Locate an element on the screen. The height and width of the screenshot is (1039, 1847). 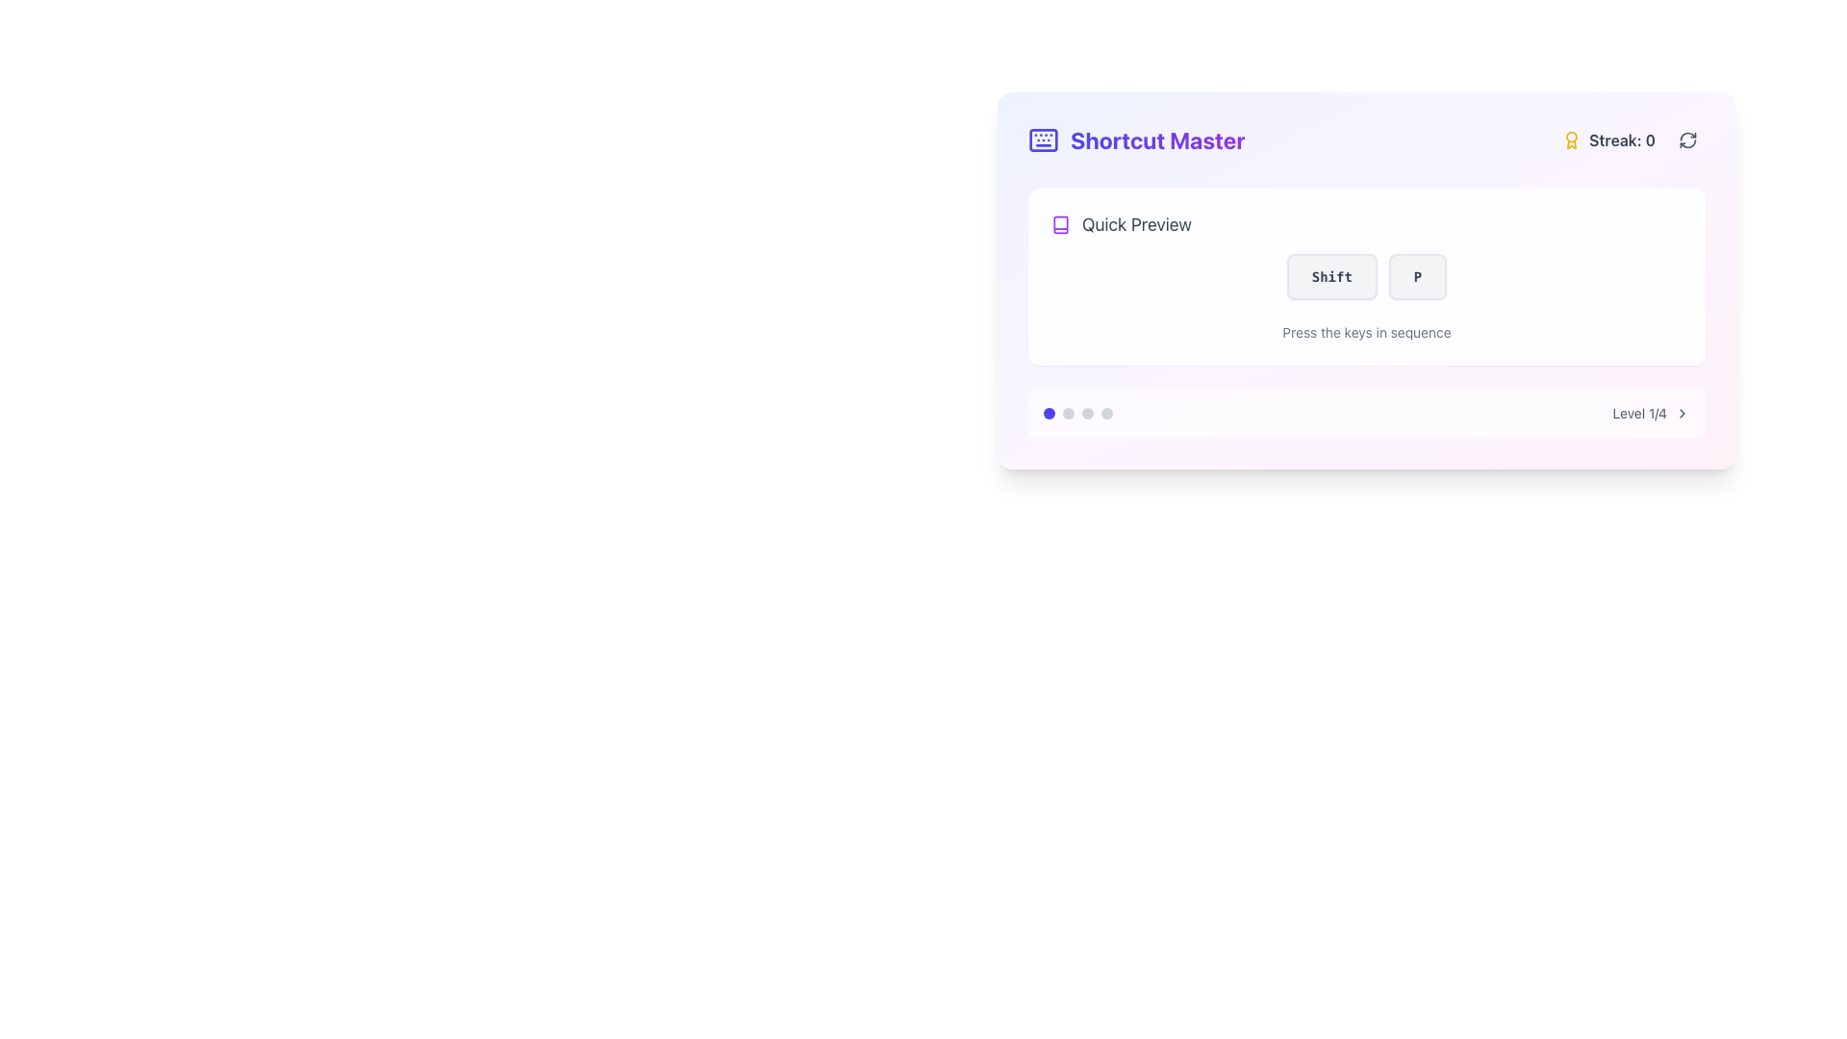
the decorative icon that represents the 'Shortcut Master' feature, located to the left of the 'Shortcut Master' text in the top-left area of the main card is located at coordinates (1042, 139).